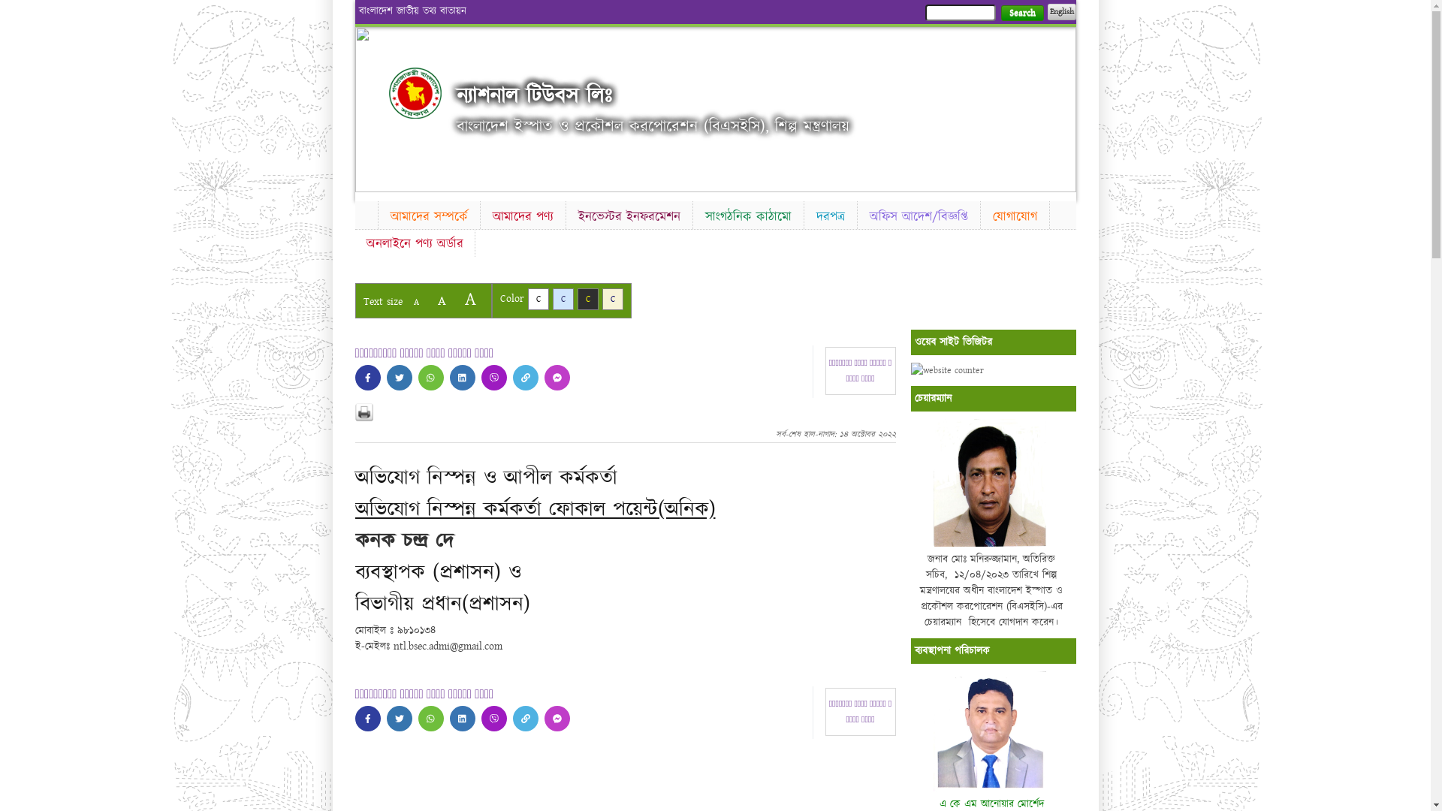 The image size is (1442, 811). I want to click on 'Home', so click(353, 213).